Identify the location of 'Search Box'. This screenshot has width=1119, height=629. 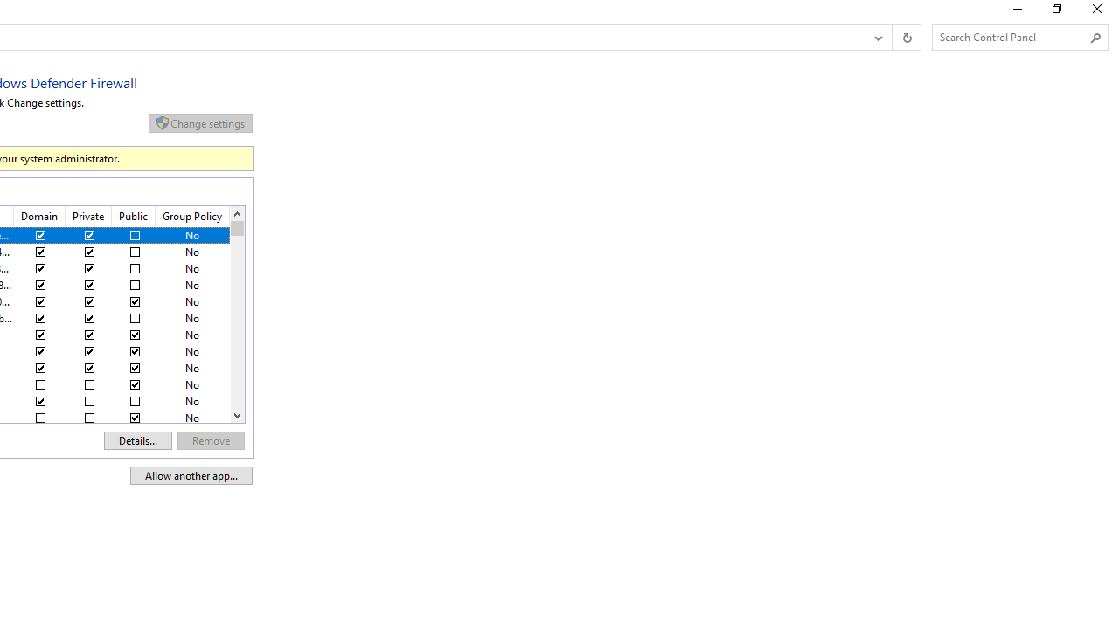
(1011, 37).